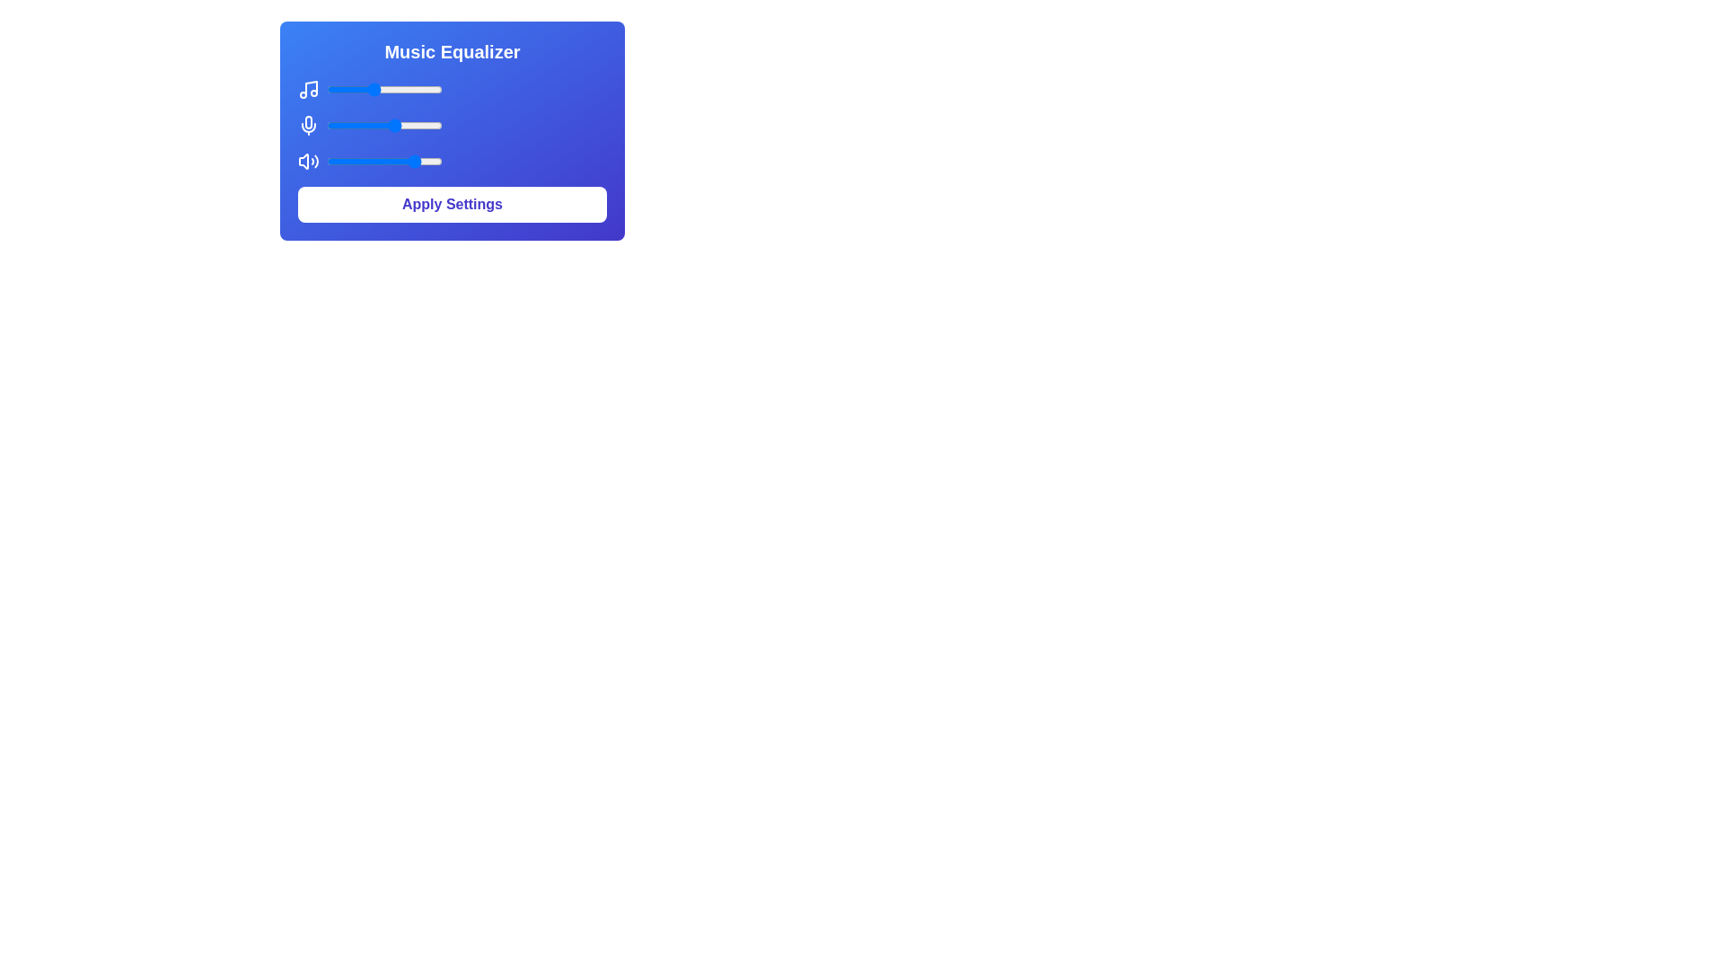 The height and width of the screenshot is (970, 1724). I want to click on the music level, so click(364, 90).